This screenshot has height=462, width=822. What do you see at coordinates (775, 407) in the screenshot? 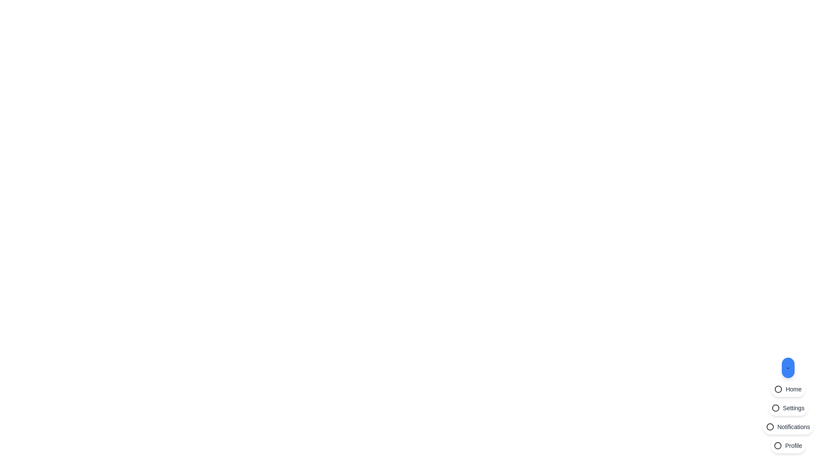
I see `the circular icon located in the vertical sidebar menu towards the bottom right of the interface` at bounding box center [775, 407].